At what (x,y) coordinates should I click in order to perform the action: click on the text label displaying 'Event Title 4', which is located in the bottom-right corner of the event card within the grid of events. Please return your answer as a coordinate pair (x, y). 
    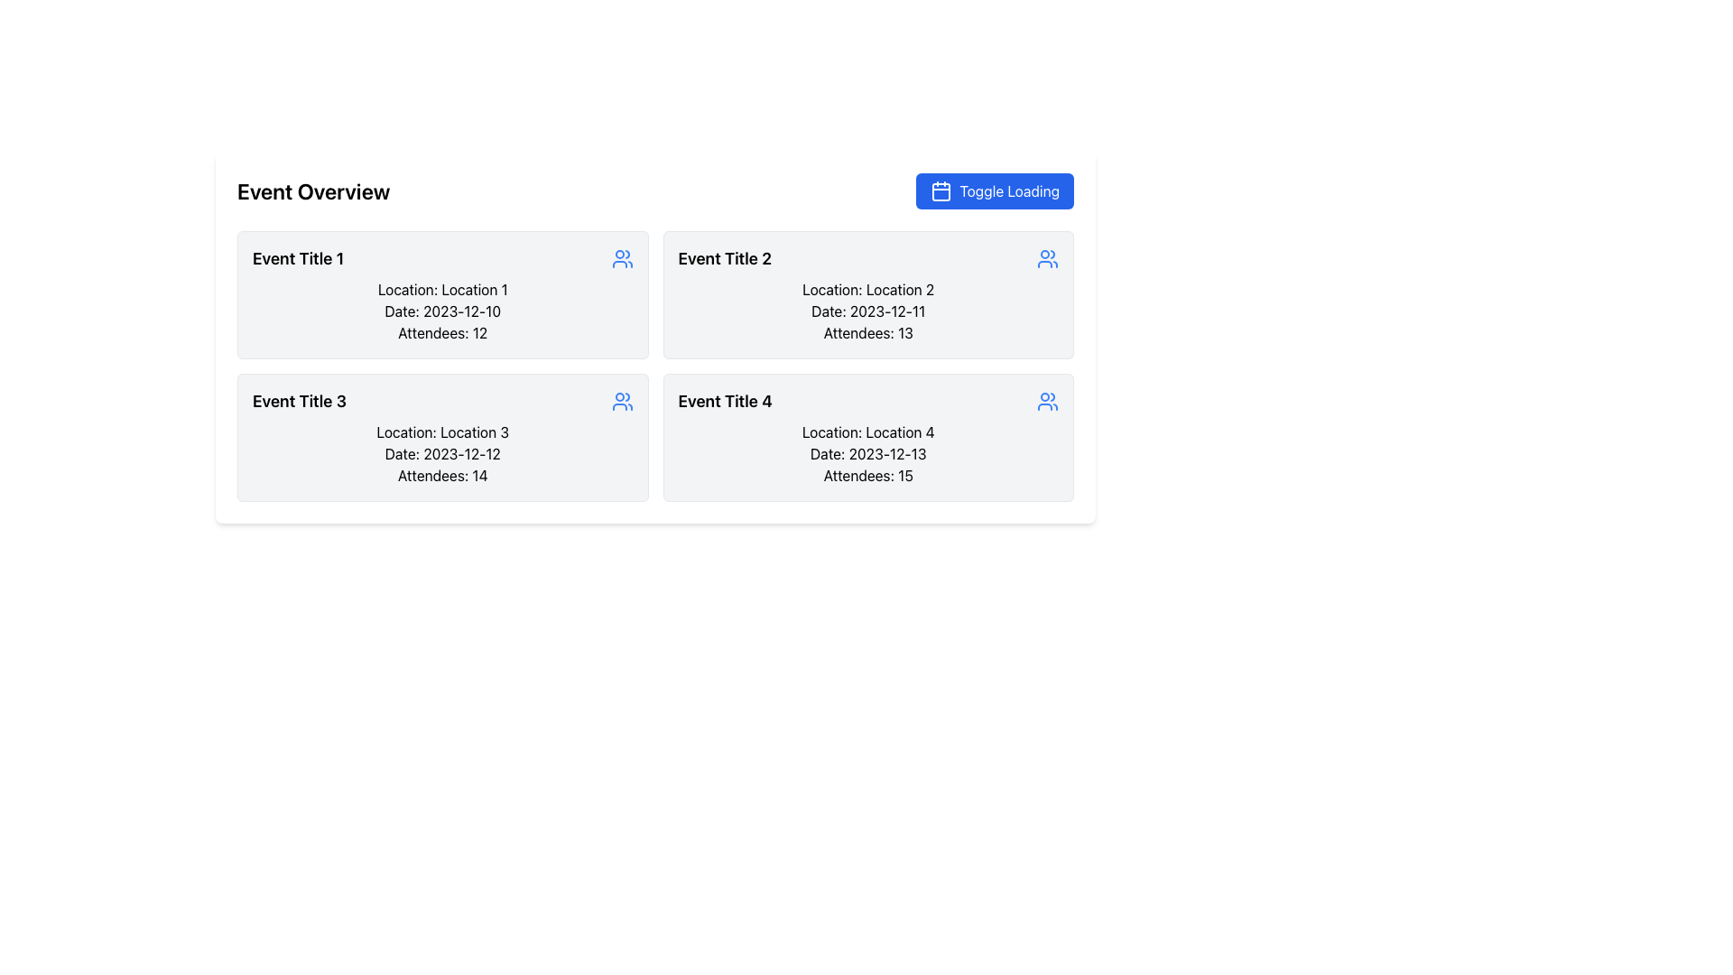
    Looking at the image, I should click on (725, 400).